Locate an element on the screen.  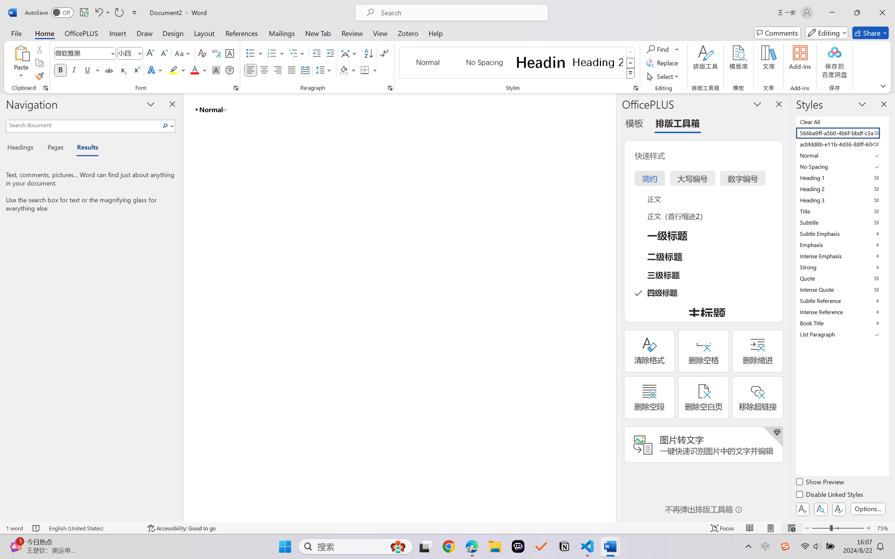
'Bullets' is located at coordinates (254, 53).